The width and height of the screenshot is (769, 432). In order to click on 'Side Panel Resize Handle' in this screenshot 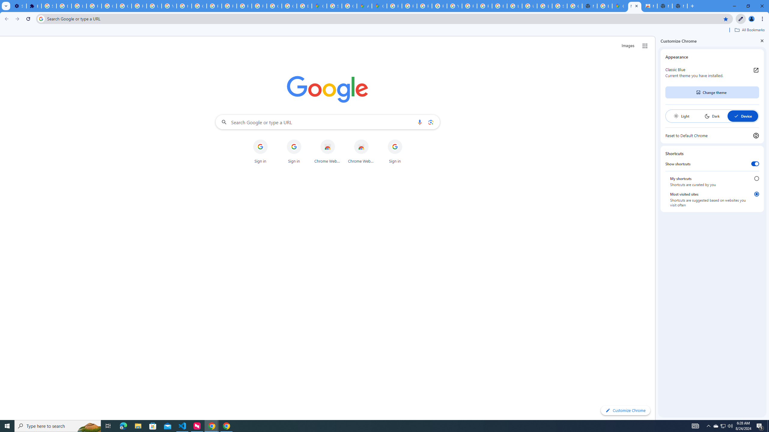, I will do `click(656, 227)`.